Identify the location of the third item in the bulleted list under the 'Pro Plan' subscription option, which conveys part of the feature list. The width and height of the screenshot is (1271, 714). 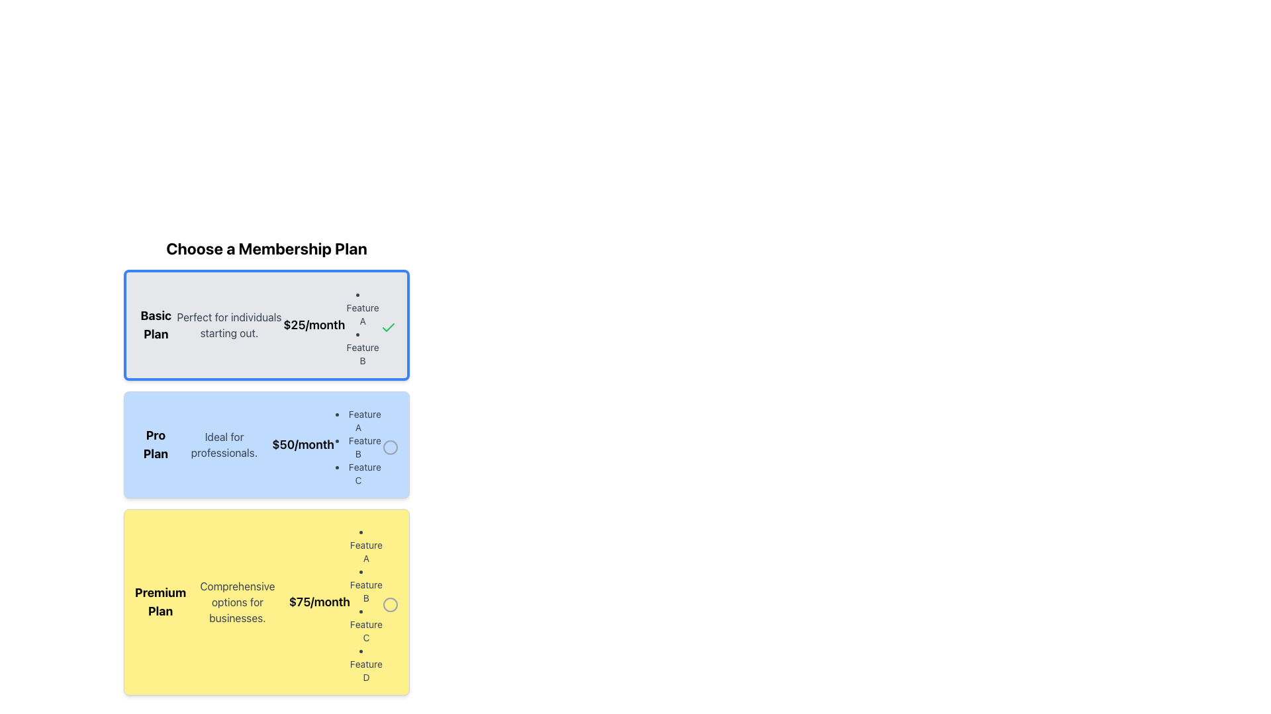
(358, 473).